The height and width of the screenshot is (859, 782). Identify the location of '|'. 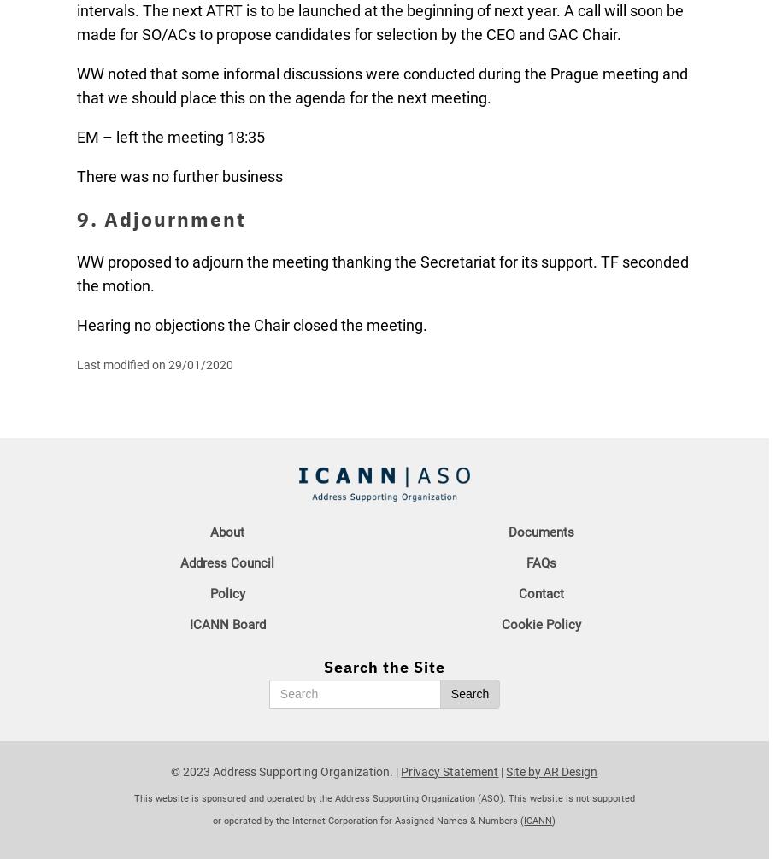
(501, 769).